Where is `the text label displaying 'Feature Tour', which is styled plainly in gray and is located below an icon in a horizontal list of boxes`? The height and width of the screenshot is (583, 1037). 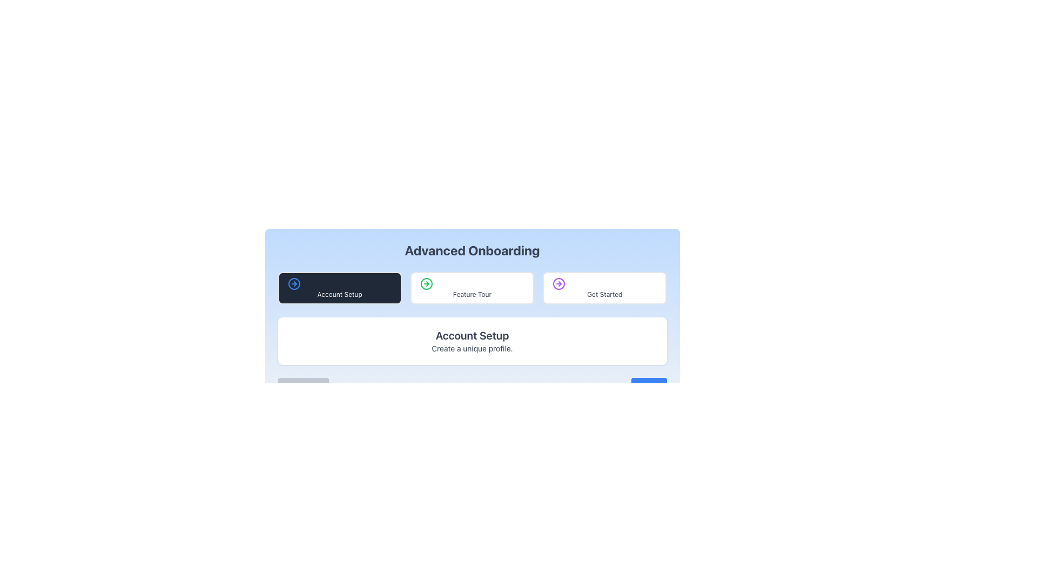 the text label displaying 'Feature Tour', which is styled plainly in gray and is located below an icon in a horizontal list of boxes is located at coordinates (472, 295).